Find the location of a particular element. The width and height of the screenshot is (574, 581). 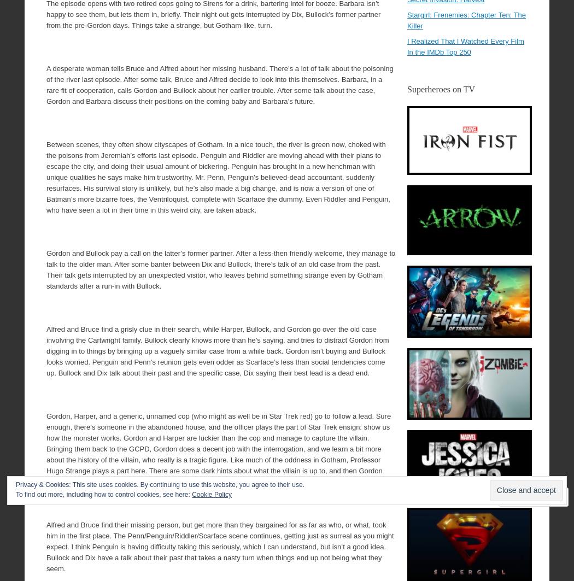

'Alfred and Bruce find their missing person, but get more than they bargained for as far as who, or what, took him in the first place. The Penn/Penguin/Riddler/Scarface scene continues, getting just as surreal as you might expect. I think Penguin is having difficulty taking this seriously, which I can understand, but isn’t a good idea. Bullock and Dix have a talk about their past that takes a nasty turn when things end up not being what they seem.' is located at coordinates (220, 546).